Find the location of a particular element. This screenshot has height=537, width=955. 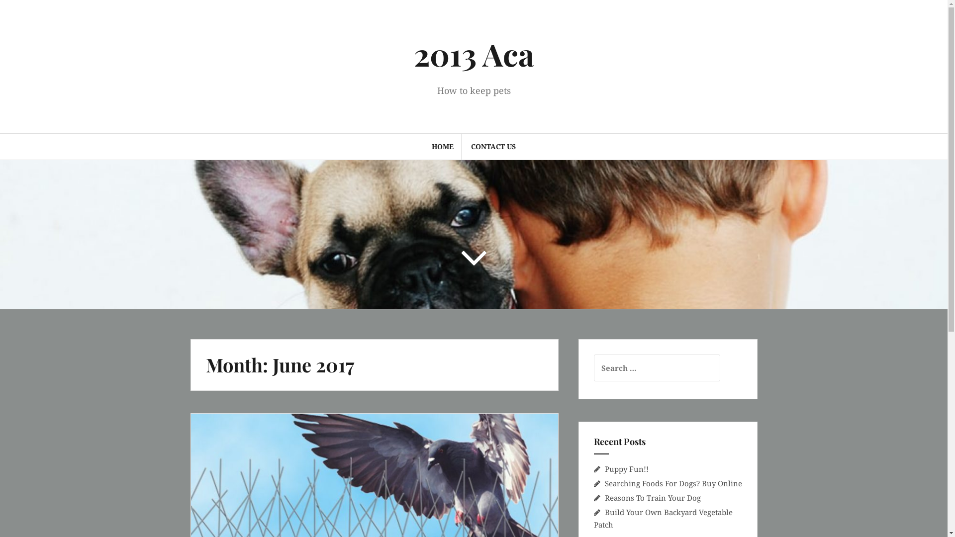

'Puppy Fun!!' is located at coordinates (626, 468).